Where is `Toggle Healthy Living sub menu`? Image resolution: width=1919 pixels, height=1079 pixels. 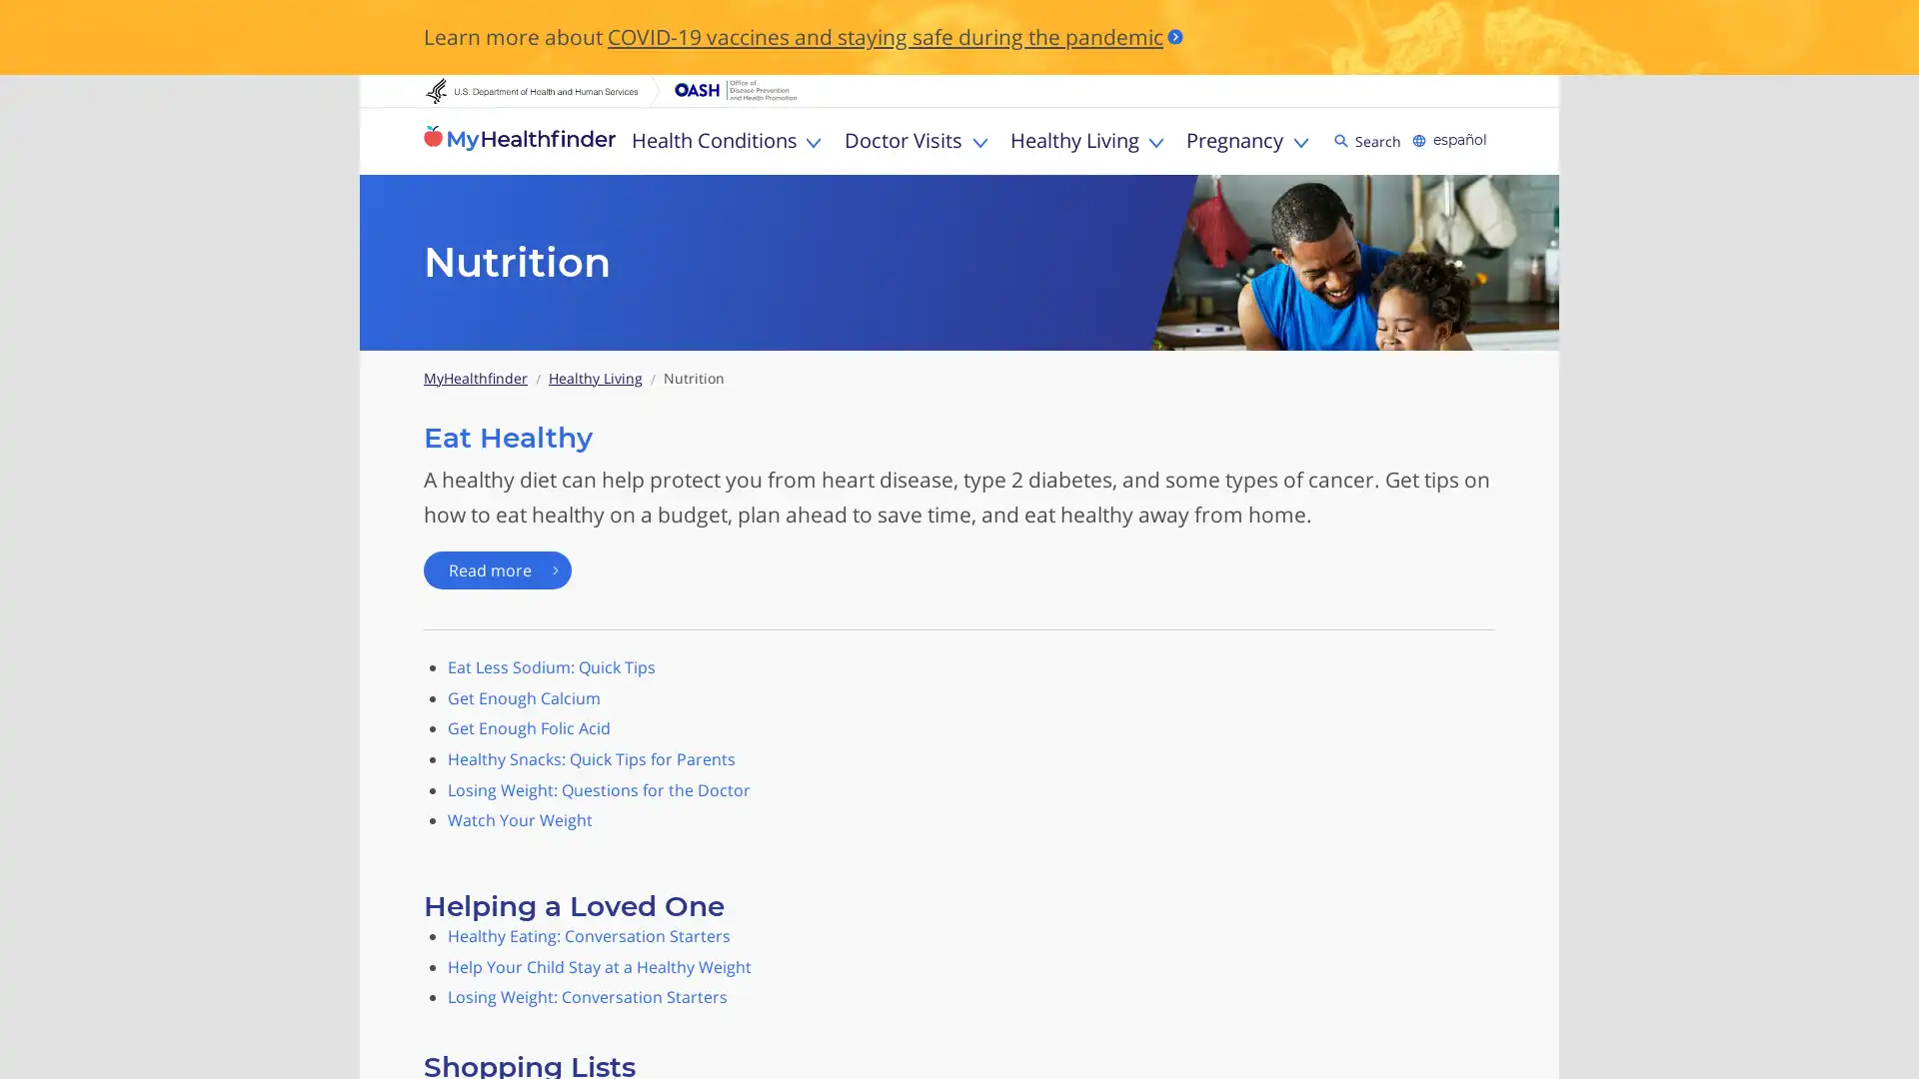 Toggle Healthy Living sub menu is located at coordinates (1155, 140).